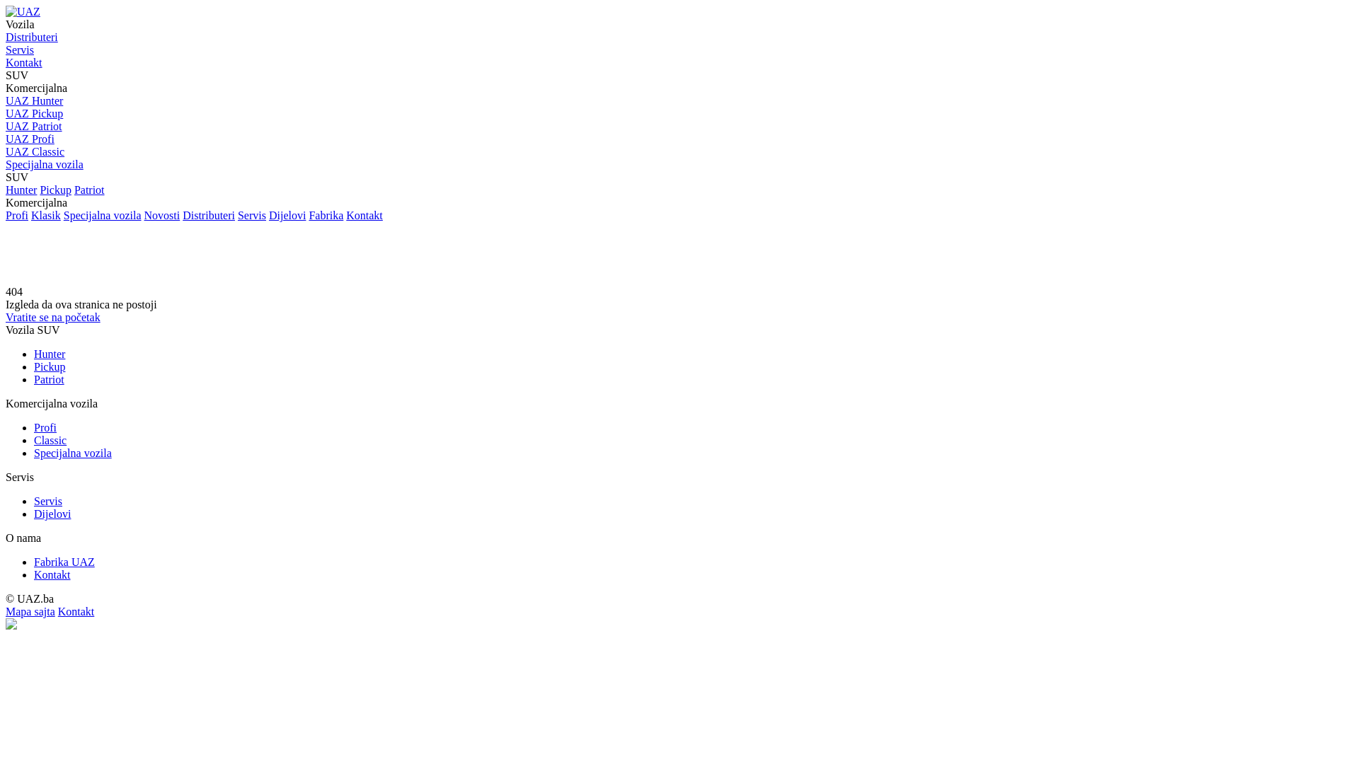 Image resolution: width=1359 pixels, height=764 pixels. What do you see at coordinates (21, 189) in the screenshot?
I see `'Hunter'` at bounding box center [21, 189].